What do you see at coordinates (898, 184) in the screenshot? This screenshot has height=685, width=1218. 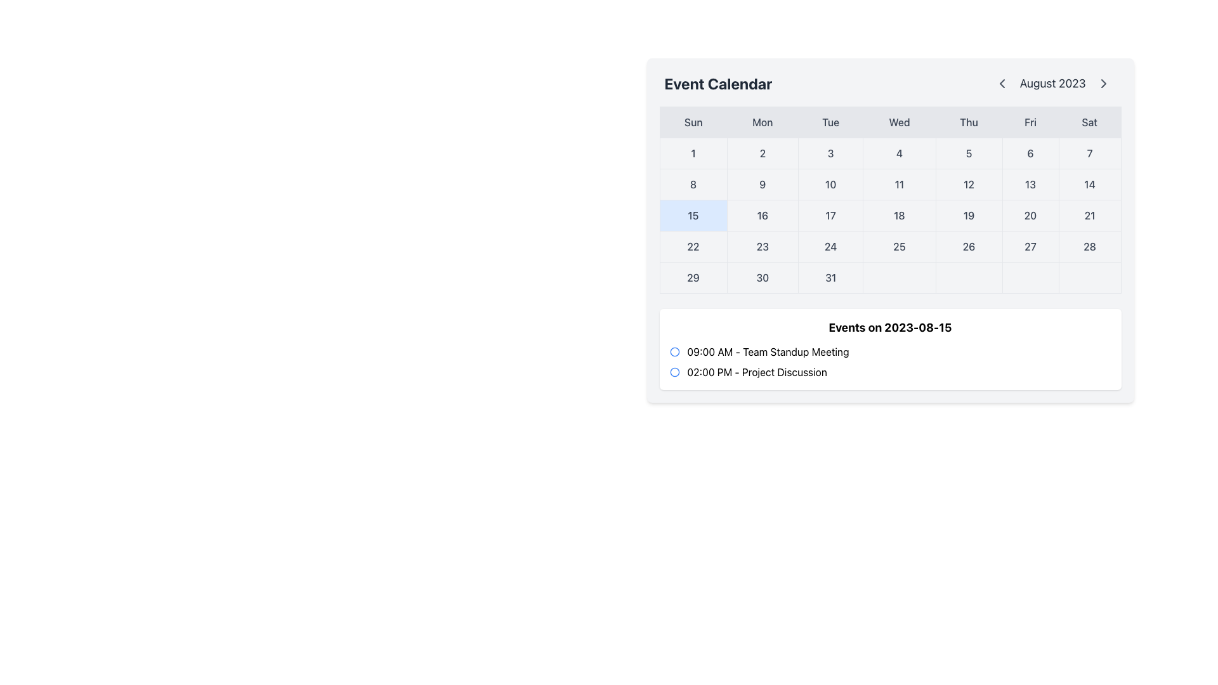 I see `the Calendar date cell displaying the number '11', which is part of a week view grid layout and positioned fourth in its row` at bounding box center [898, 184].